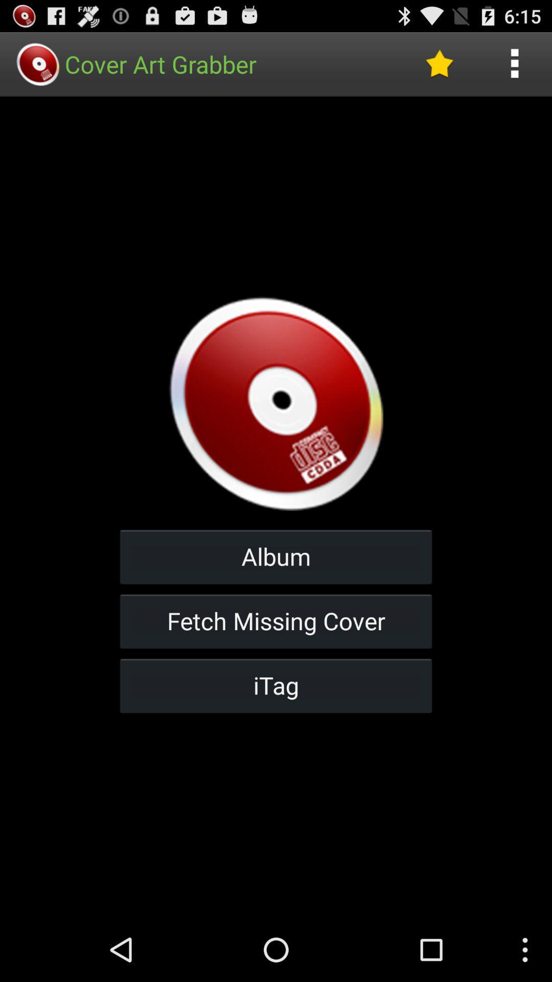  Describe the element at coordinates (439, 63) in the screenshot. I see `the item next to cover art grabber icon` at that location.